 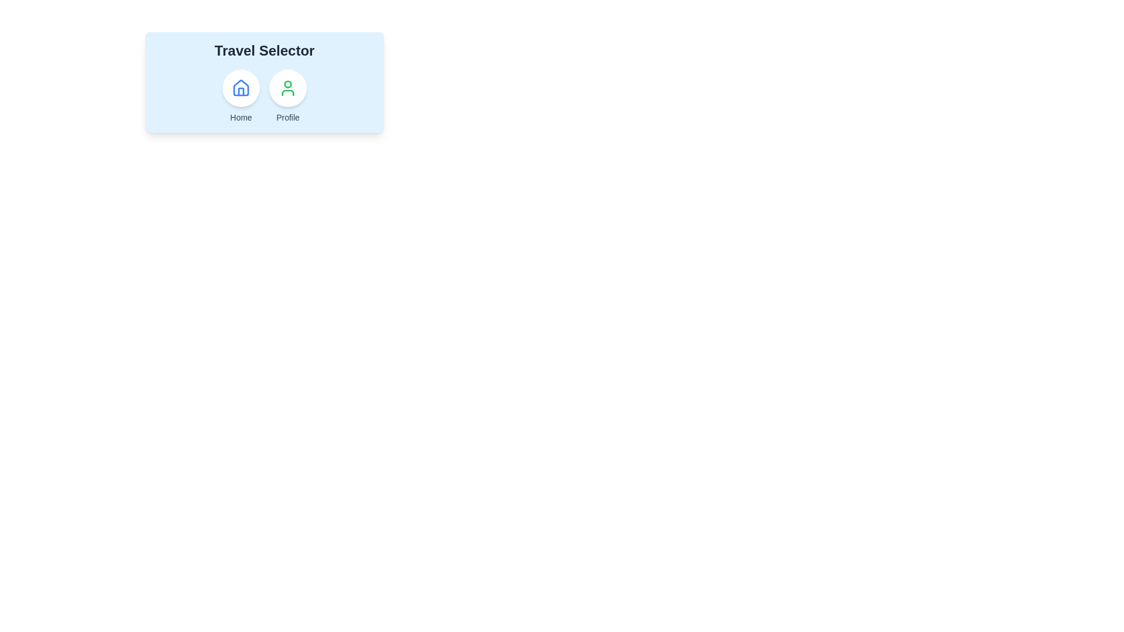 I want to click on the circular 'Profile' button which features a white background, a green outline, and a user figure icon inside, so click(x=287, y=87).